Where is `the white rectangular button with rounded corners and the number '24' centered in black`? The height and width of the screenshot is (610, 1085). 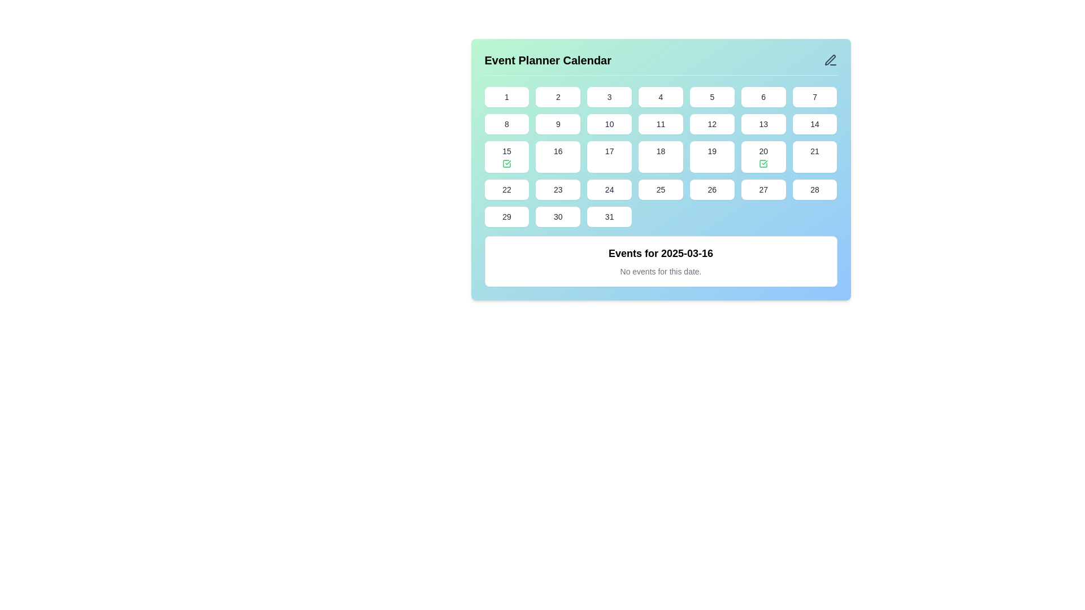 the white rectangular button with rounded corners and the number '24' centered in black is located at coordinates (609, 189).